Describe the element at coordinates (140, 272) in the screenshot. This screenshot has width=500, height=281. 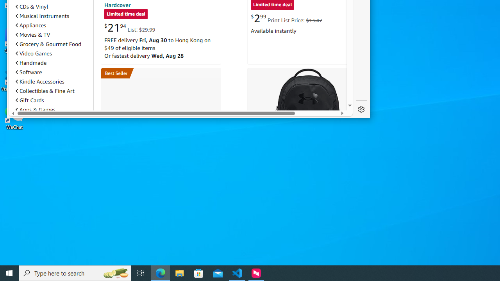
I see `'Task View'` at that location.